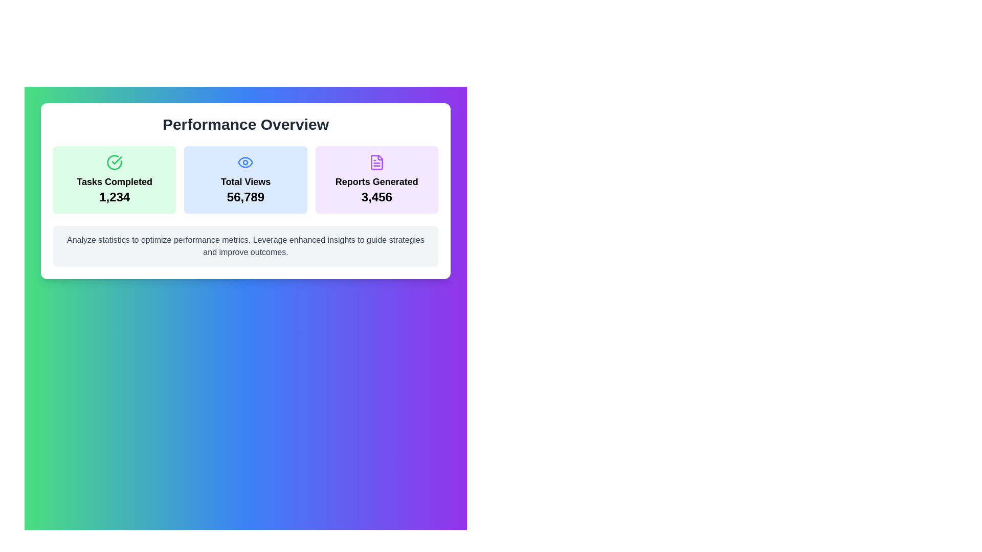 The image size is (982, 552). I want to click on the displayed value of the text label showing '3,456' located centrally within the rightmost purple card, underneath the text 'Reports Generated', so click(376, 197).